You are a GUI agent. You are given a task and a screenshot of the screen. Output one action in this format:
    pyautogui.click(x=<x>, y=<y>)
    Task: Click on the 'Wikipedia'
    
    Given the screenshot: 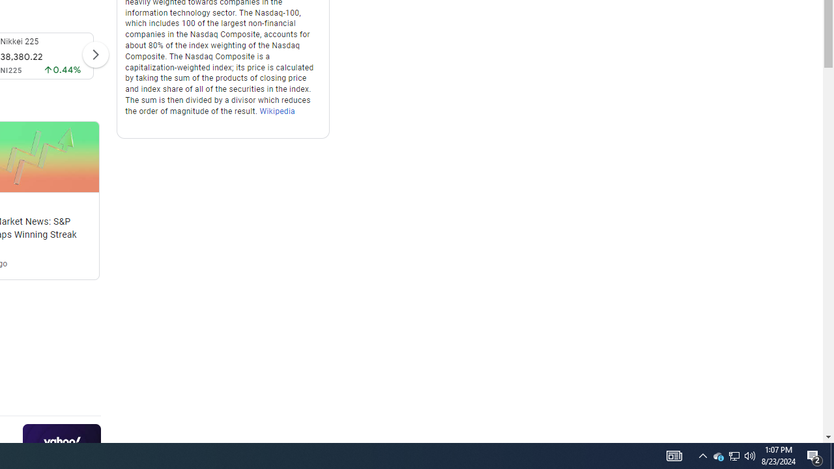 What is the action you would take?
    pyautogui.click(x=276, y=110)
    